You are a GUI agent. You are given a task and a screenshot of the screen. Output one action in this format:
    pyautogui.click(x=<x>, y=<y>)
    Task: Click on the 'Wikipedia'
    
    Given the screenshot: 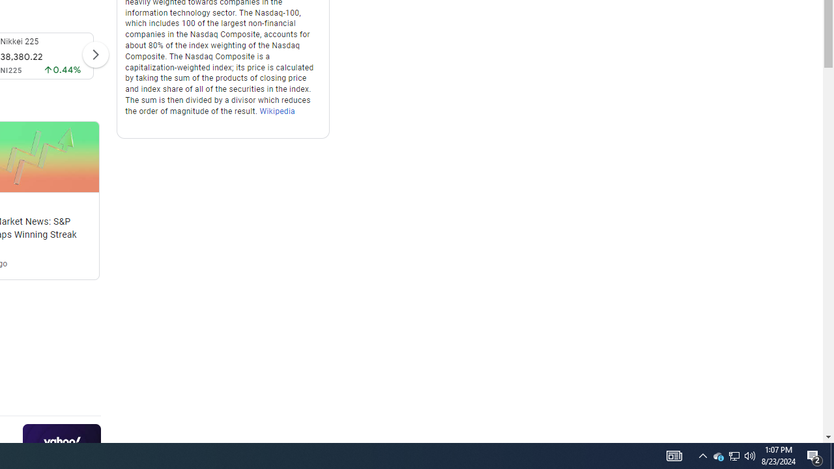 What is the action you would take?
    pyautogui.click(x=276, y=110)
    